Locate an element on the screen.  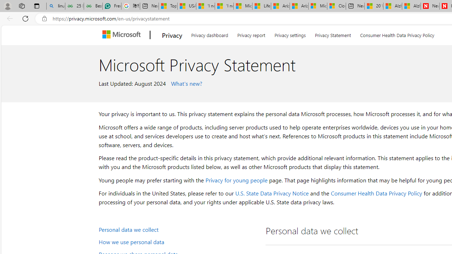
'Privacy dashboard' is located at coordinates (209, 34).